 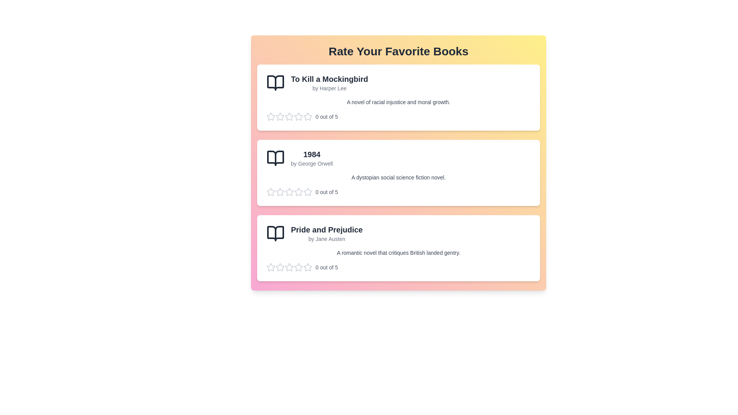 I want to click on the text label that provides a brief summary of the book '1984' by George Orwell, located below the title and author name, and above the rating section, so click(x=398, y=178).